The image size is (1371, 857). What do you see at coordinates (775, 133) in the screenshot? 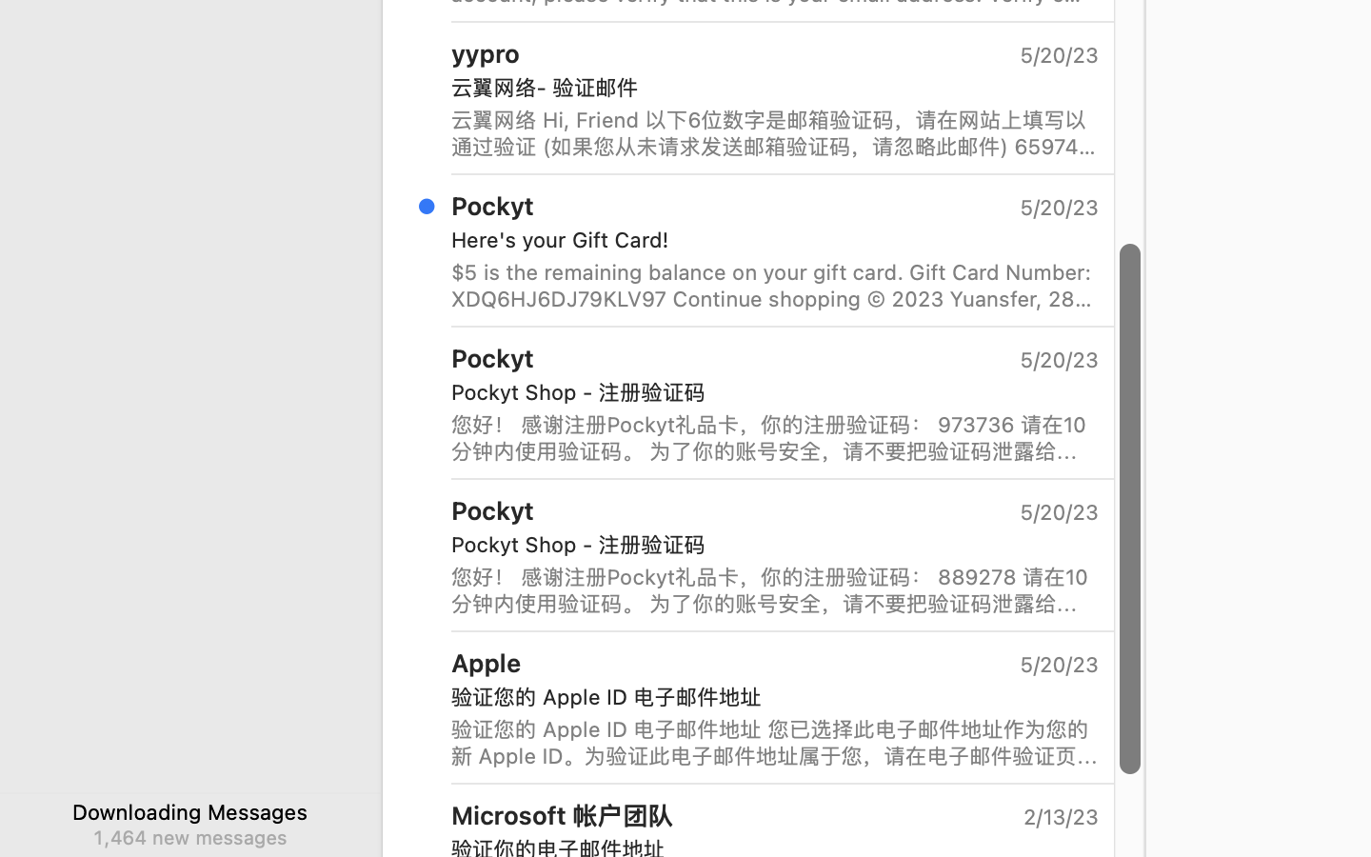
I see `'云翼网络 Hi, Friend 以下6位数字是邮箱验证码，请在网站上填写以通过验证 (如果您从未请求发送邮箱验证码，请忽略此邮件) 659746 2020 © 云翼网络. All Rights Reserved. 访问官网 | 用户中心'` at bounding box center [775, 133].